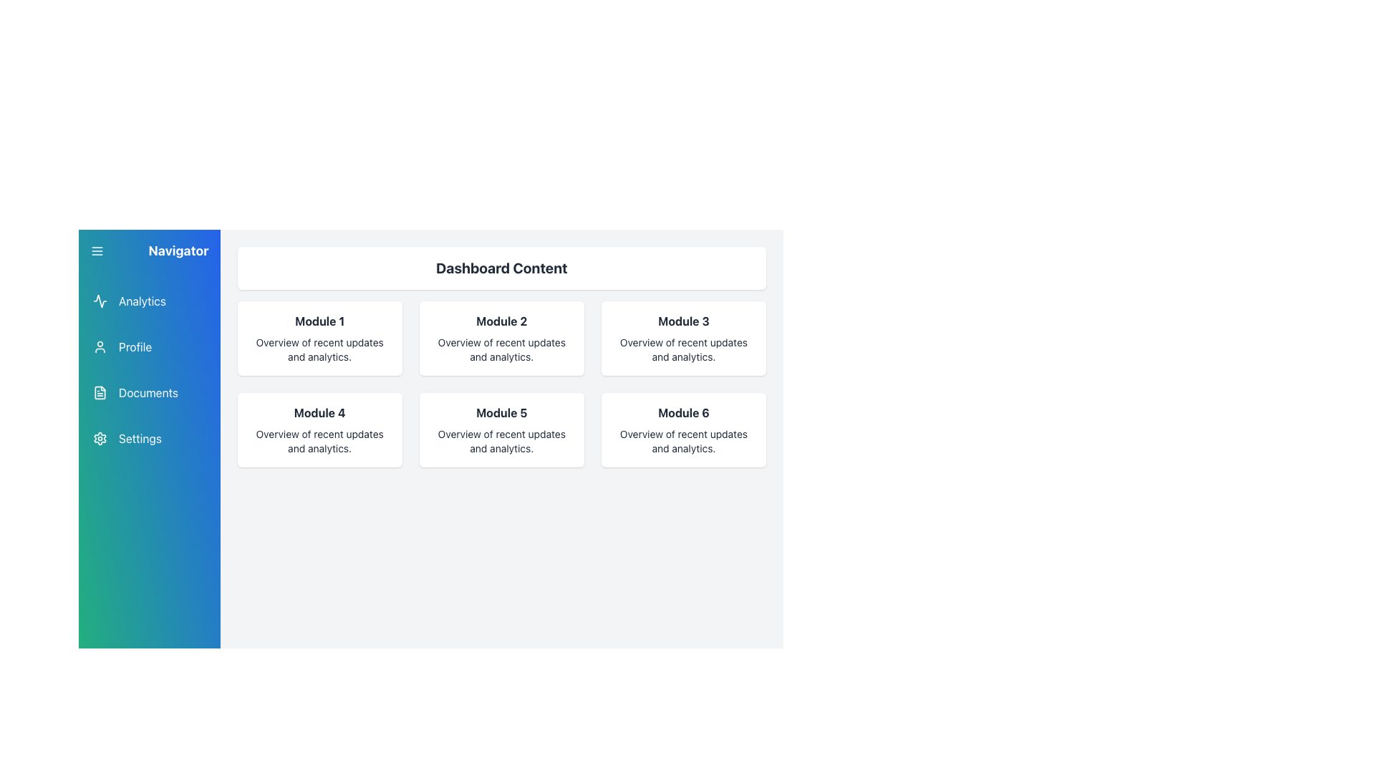  Describe the element at coordinates (99, 392) in the screenshot. I see `the 'Documents' icon located in the vertical navigation bar` at that location.